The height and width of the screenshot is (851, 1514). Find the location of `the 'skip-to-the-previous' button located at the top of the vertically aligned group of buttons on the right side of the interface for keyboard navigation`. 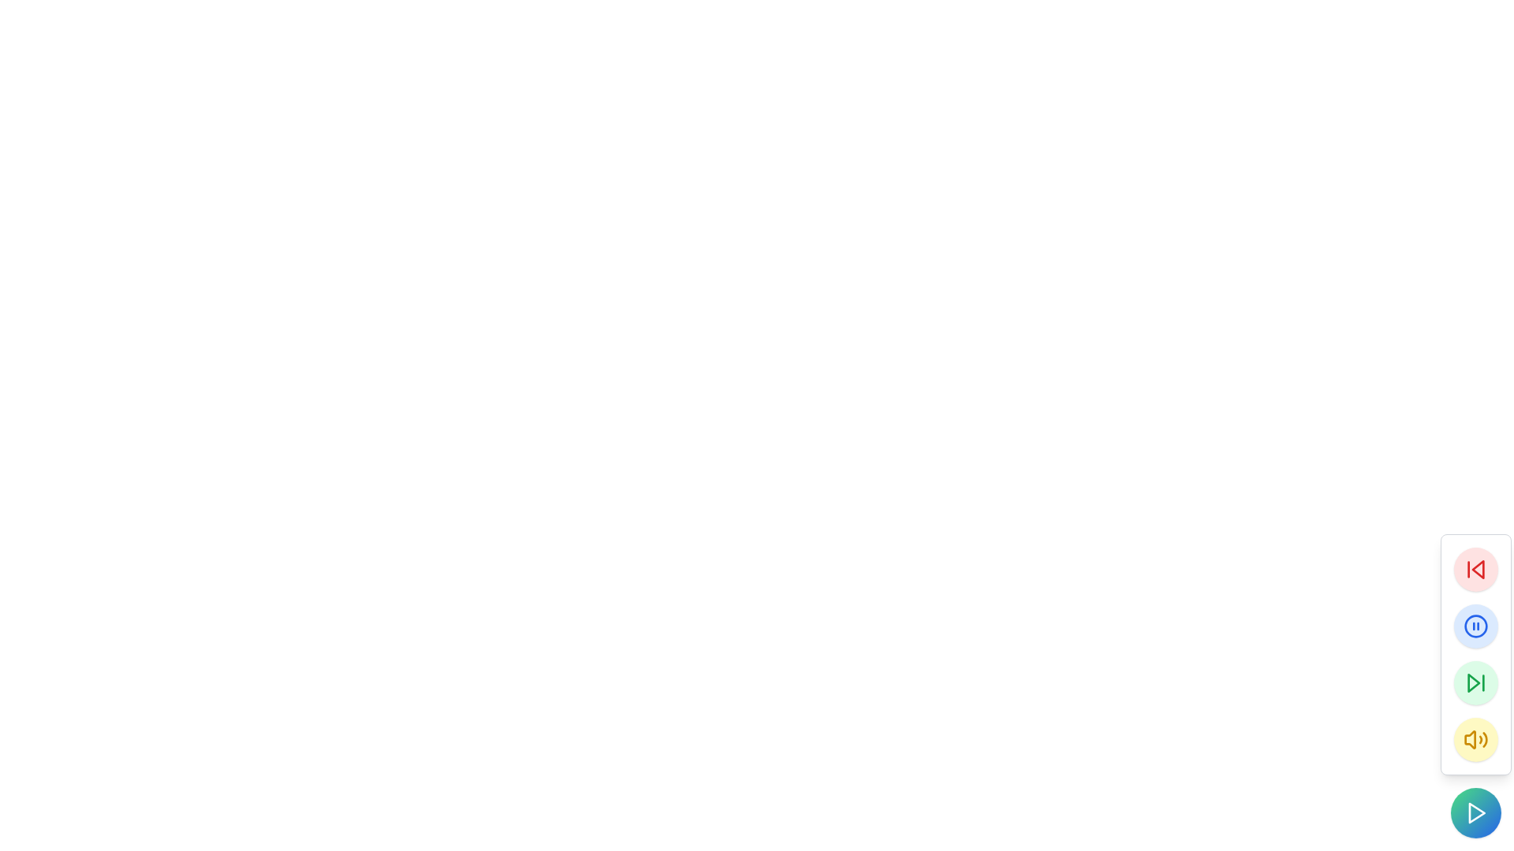

the 'skip-to-the-previous' button located at the top of the vertically aligned group of buttons on the right side of the interface for keyboard navigation is located at coordinates (1475, 569).